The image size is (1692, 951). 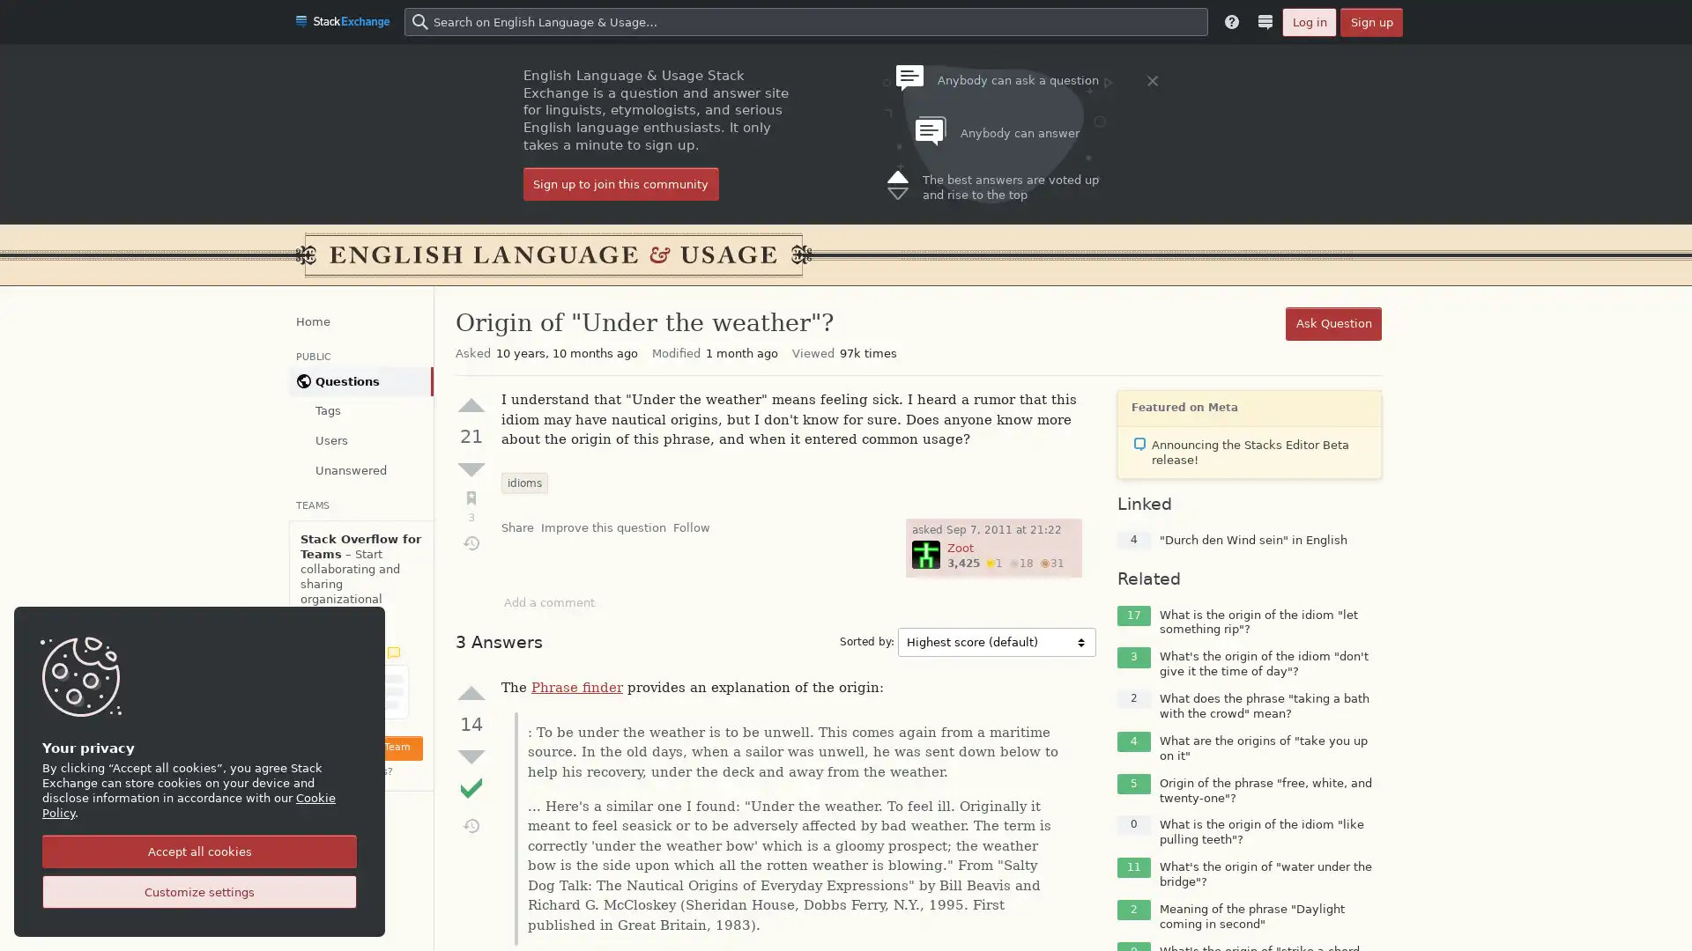 What do you see at coordinates (199, 851) in the screenshot?
I see `Accept all cookies` at bounding box center [199, 851].